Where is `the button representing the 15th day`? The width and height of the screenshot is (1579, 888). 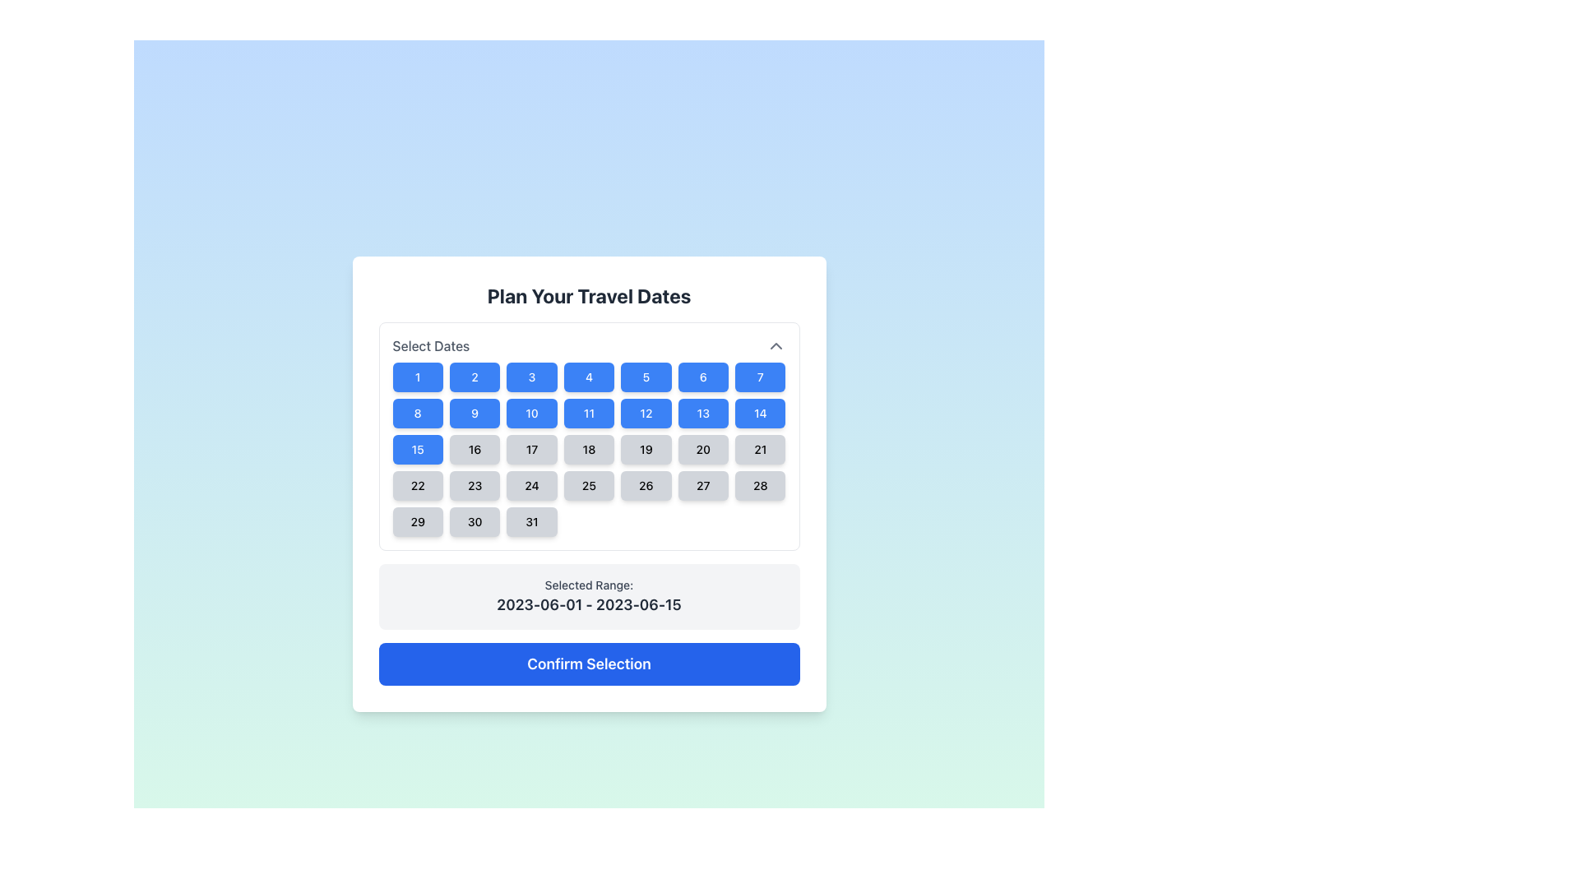 the button representing the 15th day is located at coordinates (418, 450).